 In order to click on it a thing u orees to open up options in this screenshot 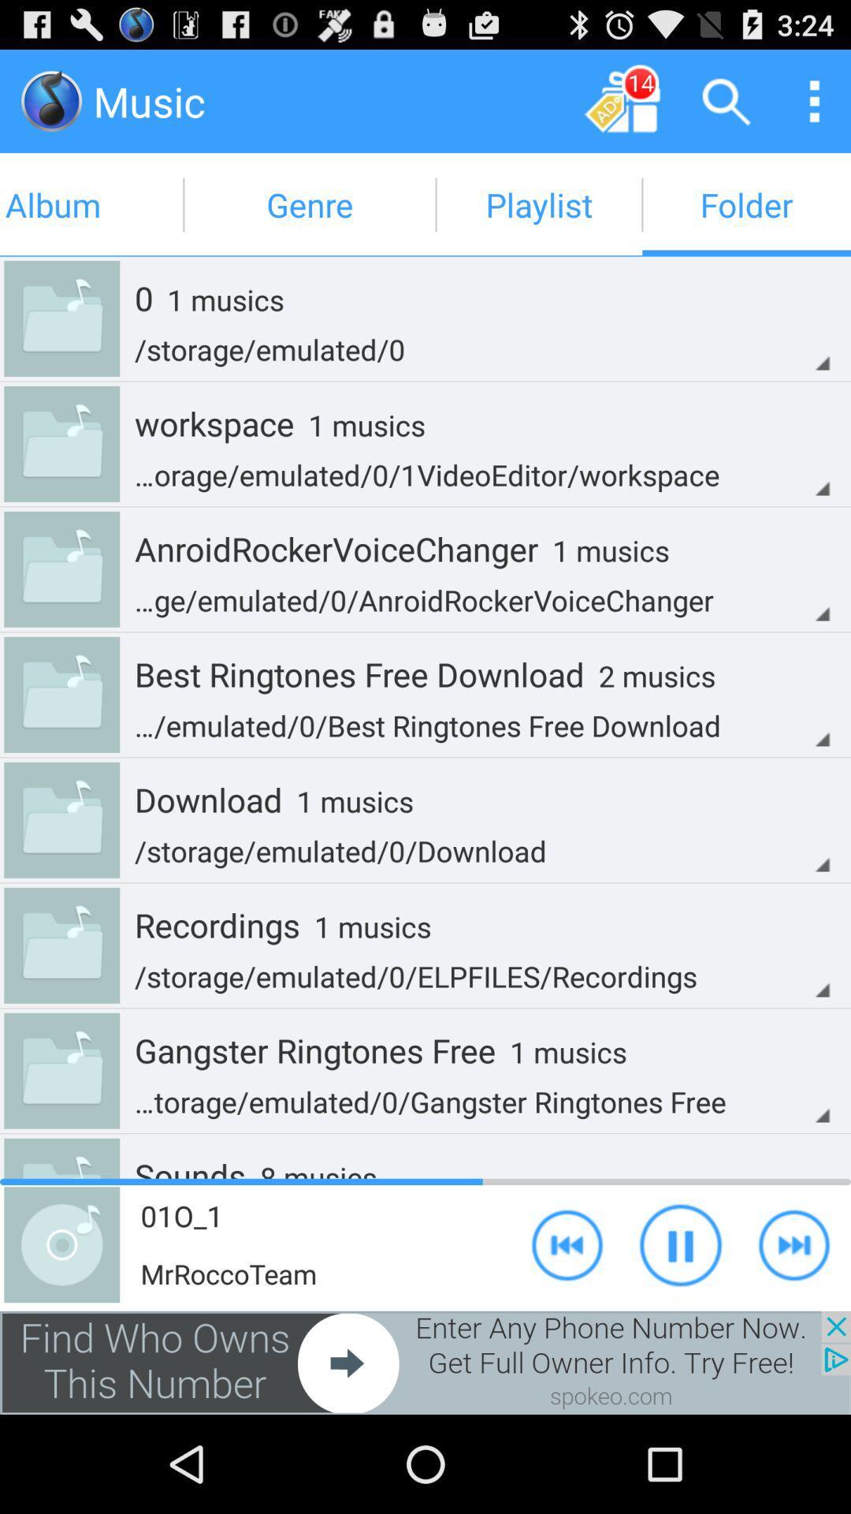, I will do `click(814, 100)`.